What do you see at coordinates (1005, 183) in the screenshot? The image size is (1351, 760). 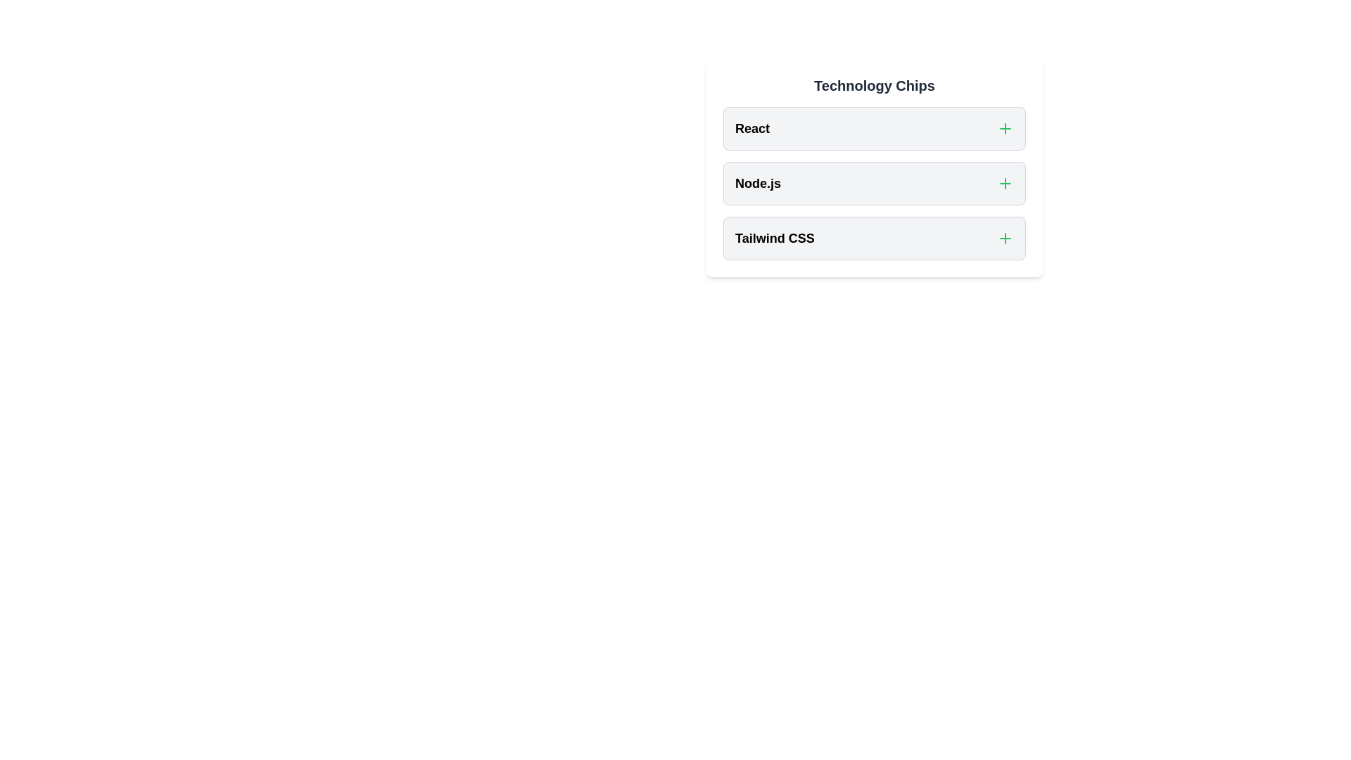 I see `the button corresponding to Node.js` at bounding box center [1005, 183].